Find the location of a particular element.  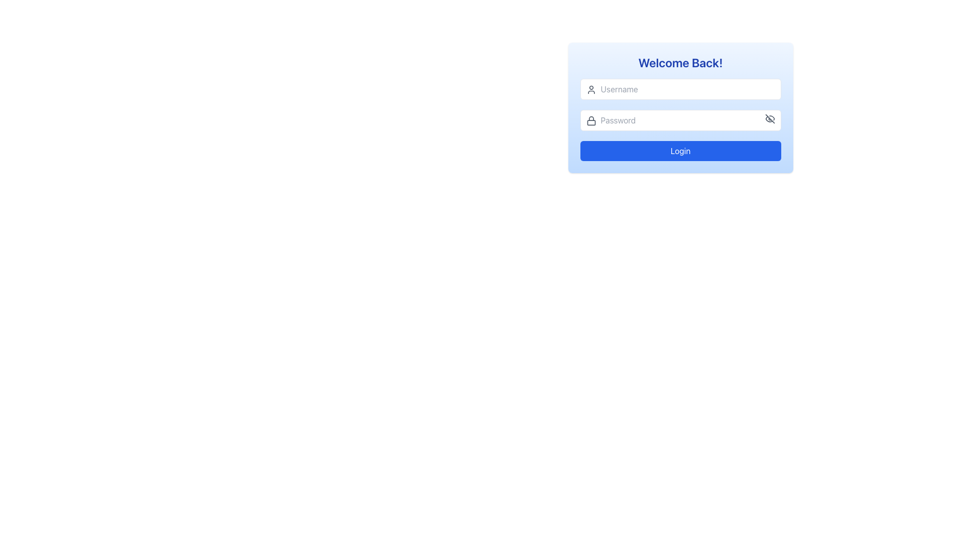

the user profile icon, which is a simplistic line drawing of a person in gray, located to the left of the username input field in the login form is located at coordinates (591, 89).